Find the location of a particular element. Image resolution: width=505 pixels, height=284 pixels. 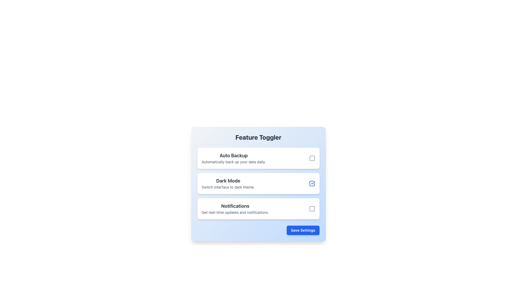

the descriptive label explaining the purpose of enabling the 'Dark Mode' option, which is located directly below the 'Dark Mode' text in the toggler options list is located at coordinates (228, 187).